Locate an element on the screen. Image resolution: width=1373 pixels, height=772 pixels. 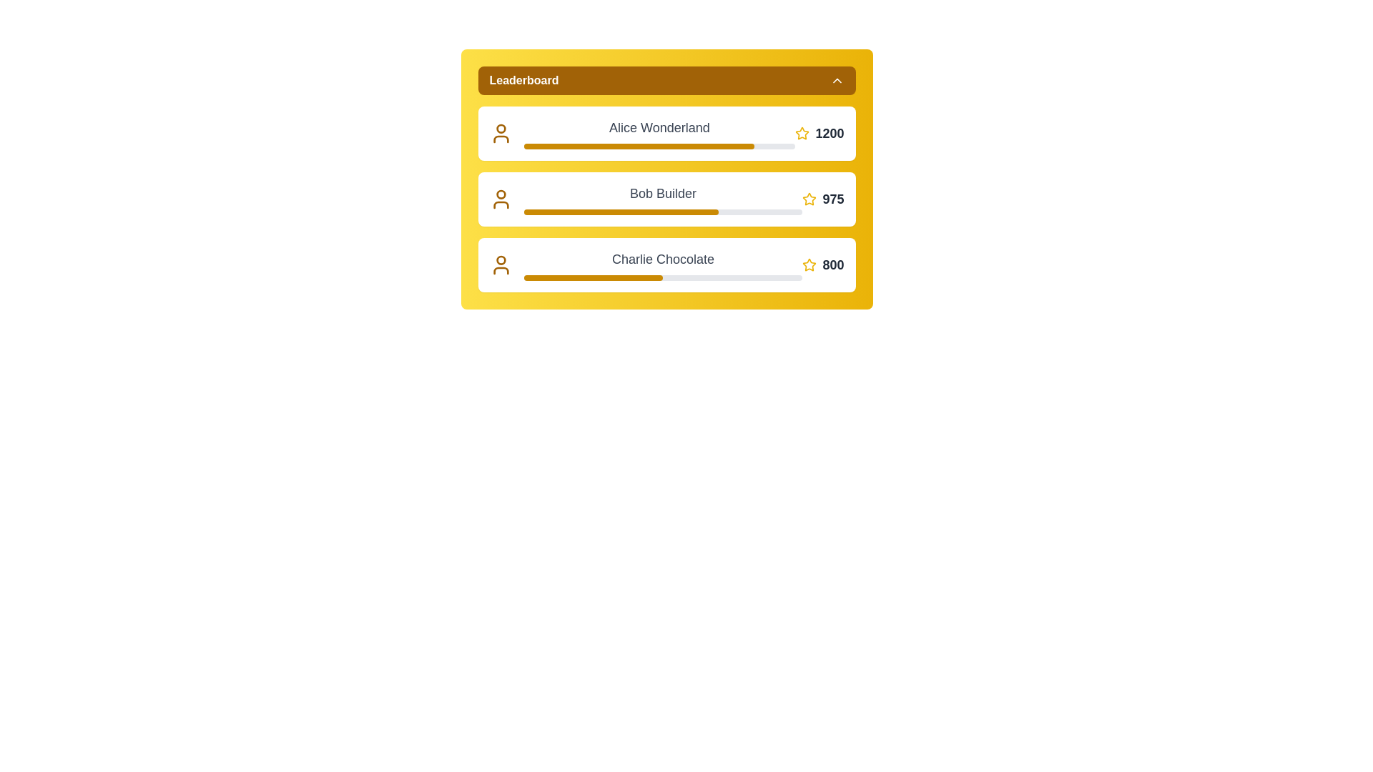
numerical value '975' which is styled in bold text and positioned to the right of a small yellow star icon, located in the leaderboard entry for 'Bob Builder' is located at coordinates (823, 199).